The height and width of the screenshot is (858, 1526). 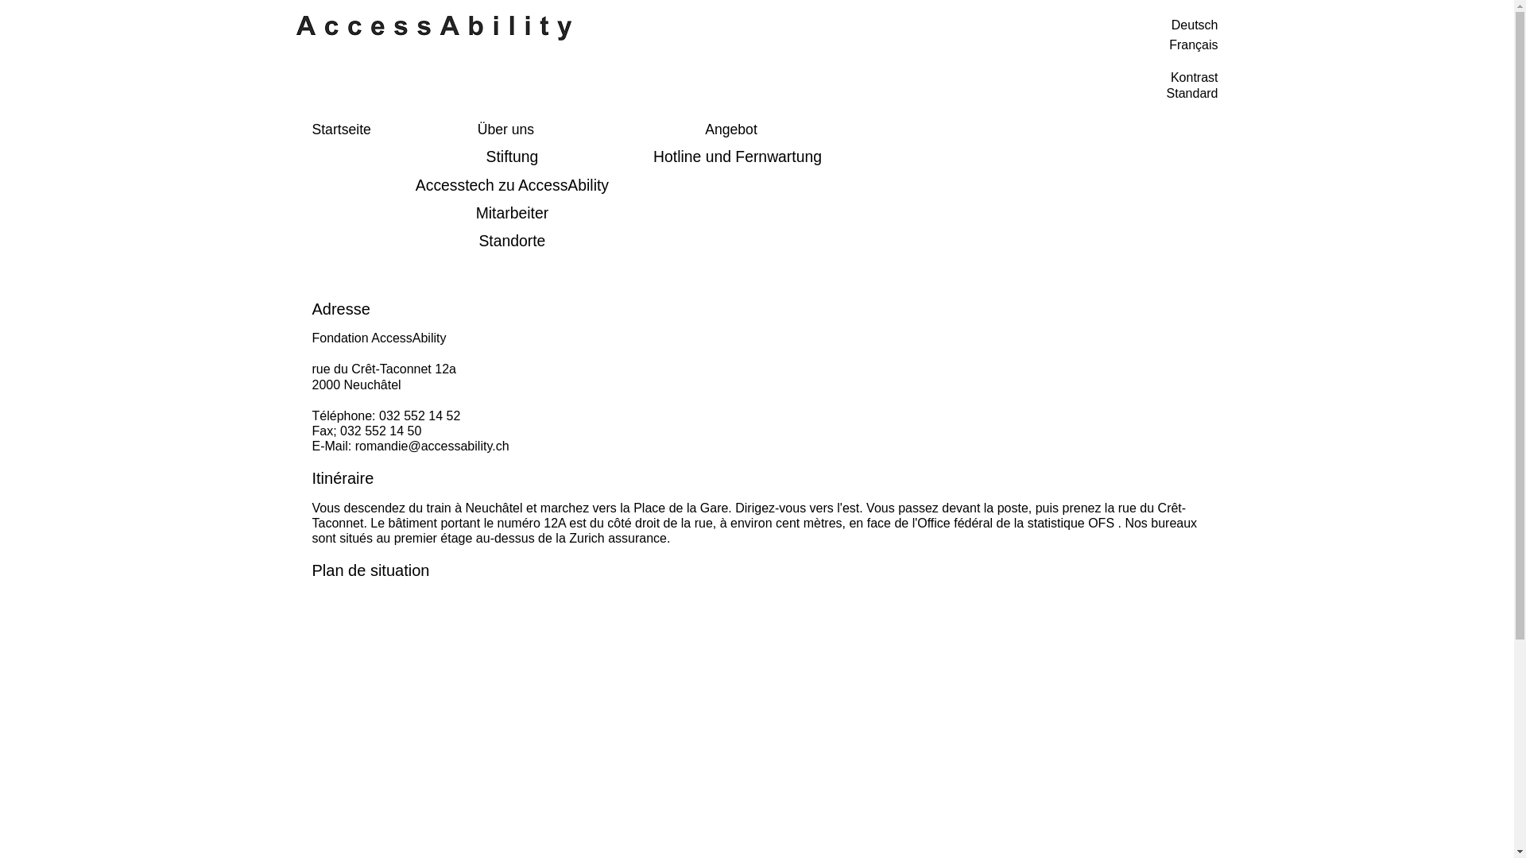 What do you see at coordinates (512, 184) in the screenshot?
I see `'Accesstech zu AccessAbility'` at bounding box center [512, 184].